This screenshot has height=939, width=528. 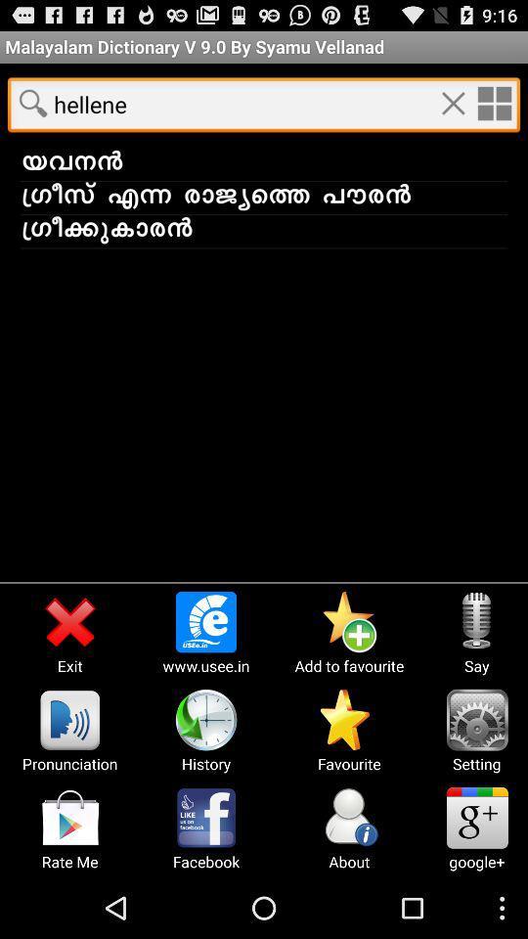 What do you see at coordinates (493, 103) in the screenshot?
I see `hellene` at bounding box center [493, 103].